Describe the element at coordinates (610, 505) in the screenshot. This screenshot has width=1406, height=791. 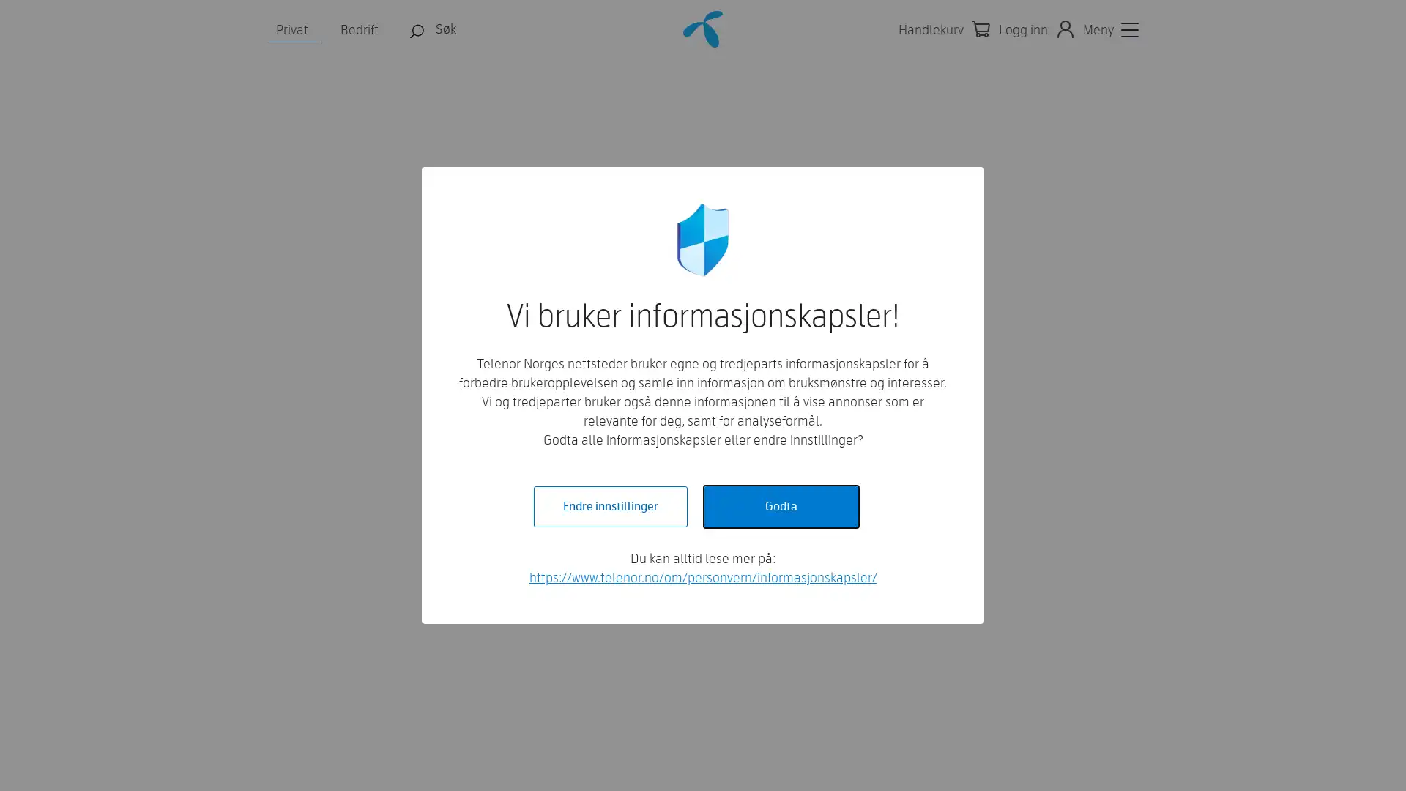
I see `Endre innstillinger` at that location.